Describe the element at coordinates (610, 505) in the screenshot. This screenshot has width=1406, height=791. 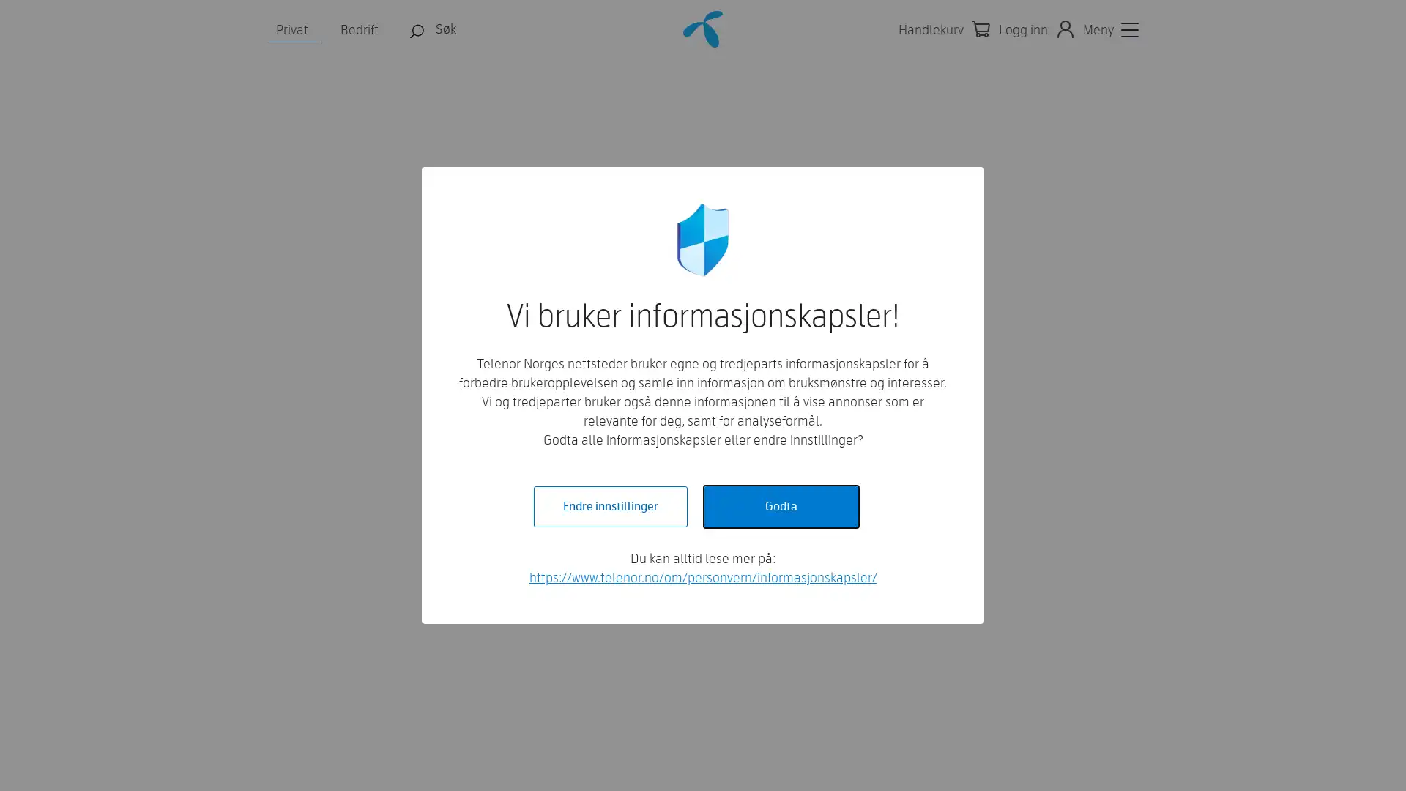
I see `Endre innstillinger` at that location.